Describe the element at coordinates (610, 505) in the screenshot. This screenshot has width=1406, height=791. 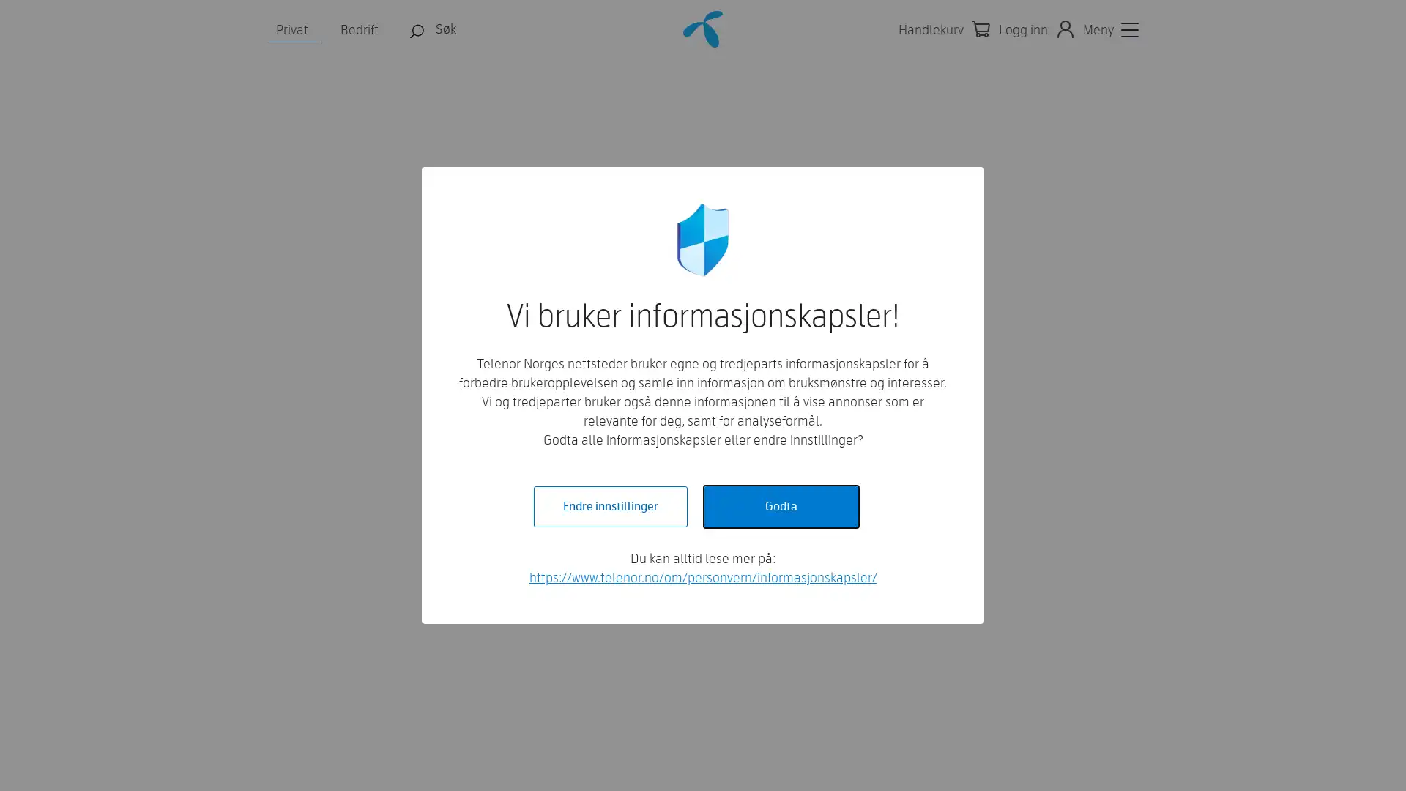
I see `Endre innstillinger` at that location.